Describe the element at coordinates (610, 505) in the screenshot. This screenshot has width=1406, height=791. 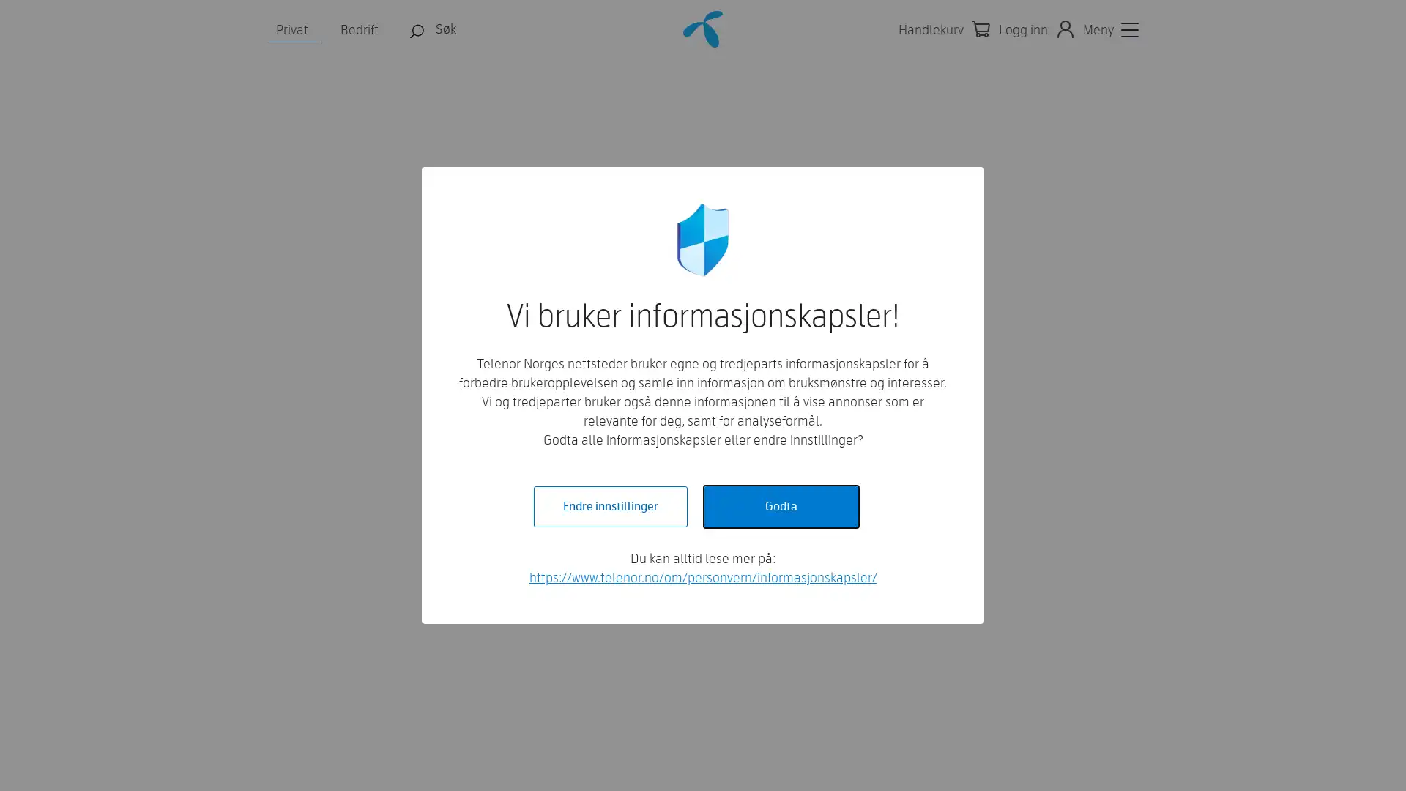
I see `Endre innstillinger` at that location.